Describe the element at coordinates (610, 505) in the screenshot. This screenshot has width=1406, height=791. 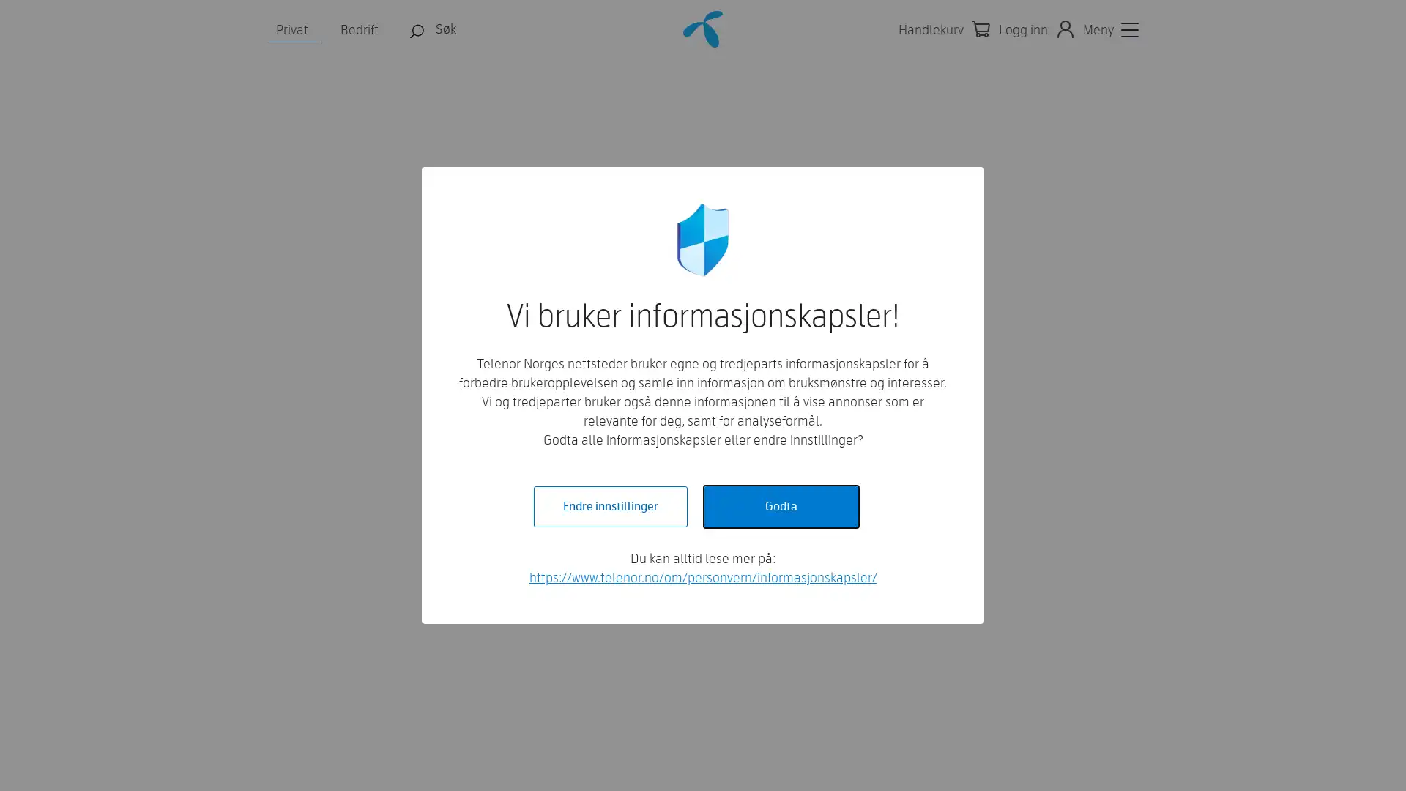
I see `Endre innstillinger` at that location.